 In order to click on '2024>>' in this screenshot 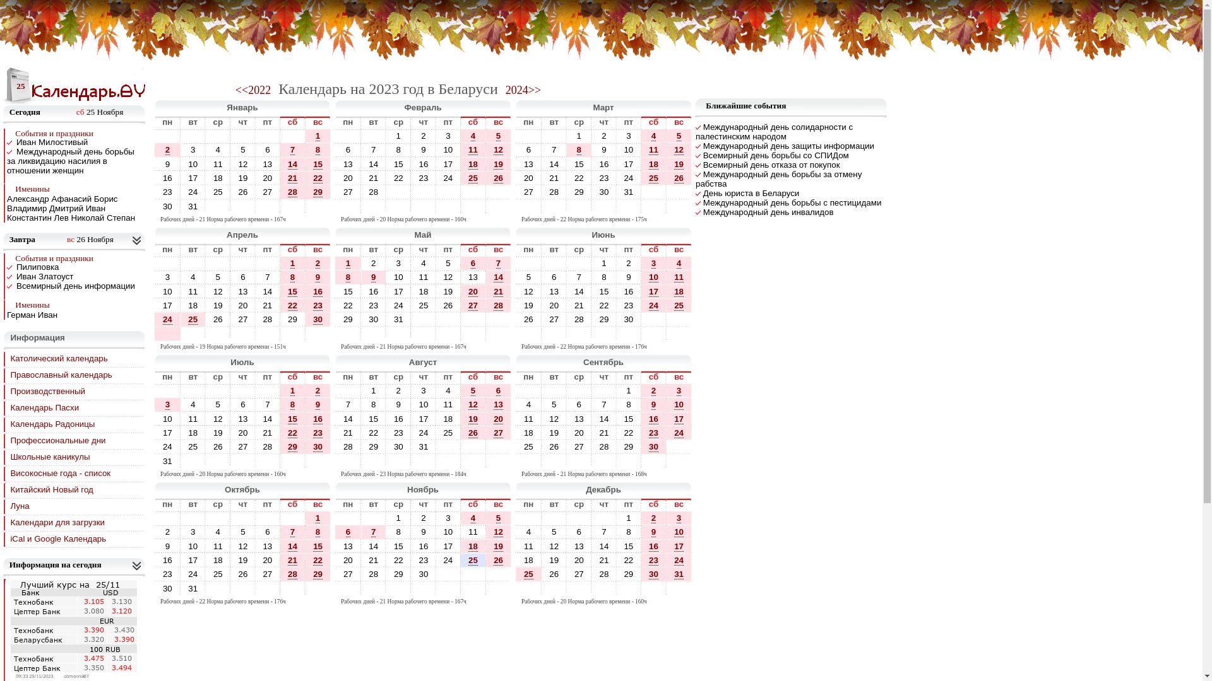, I will do `click(523, 89)`.